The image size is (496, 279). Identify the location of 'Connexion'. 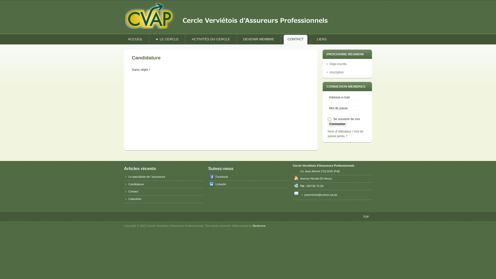
(337, 124).